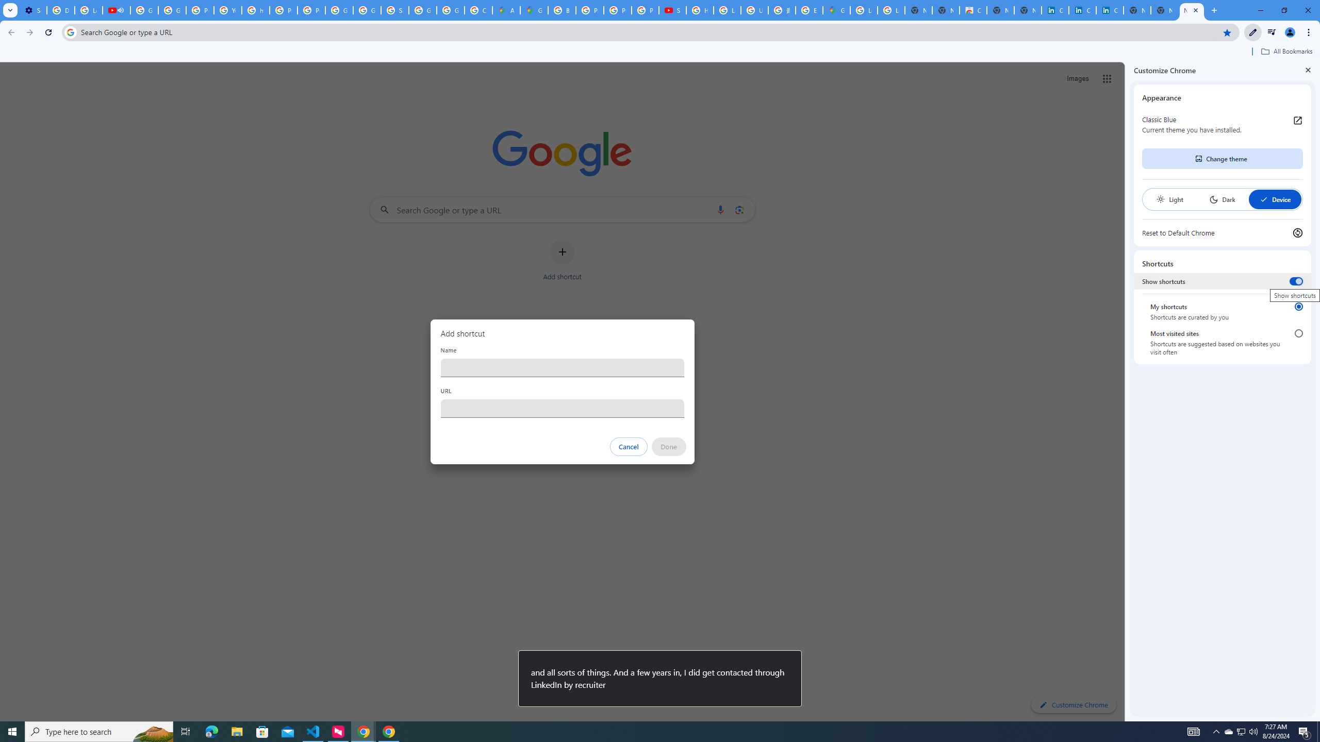 This screenshot has height=742, width=1320. What do you see at coordinates (478, 10) in the screenshot?
I see `'Create your Google Account'` at bounding box center [478, 10].